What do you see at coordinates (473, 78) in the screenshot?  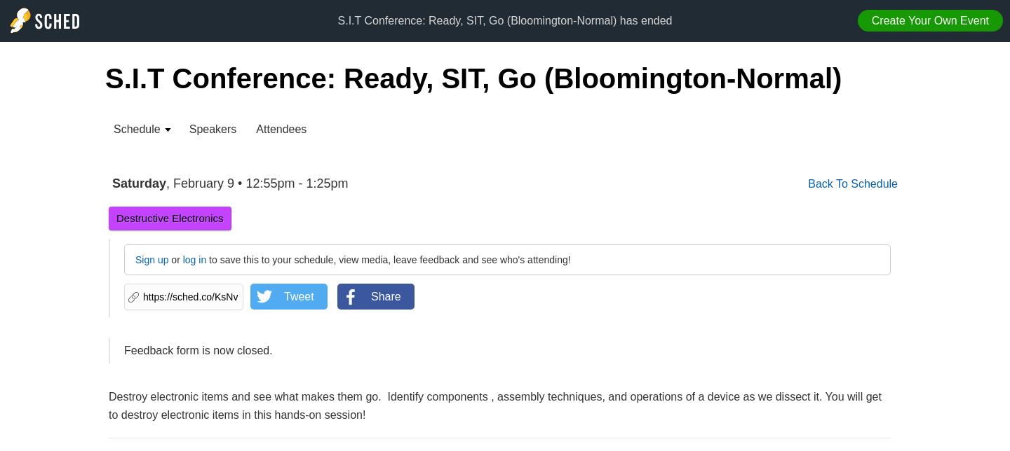 I see `'S.I.T Conference: Ready, SIT, Go (Bloomington-Normal)'` at bounding box center [473, 78].